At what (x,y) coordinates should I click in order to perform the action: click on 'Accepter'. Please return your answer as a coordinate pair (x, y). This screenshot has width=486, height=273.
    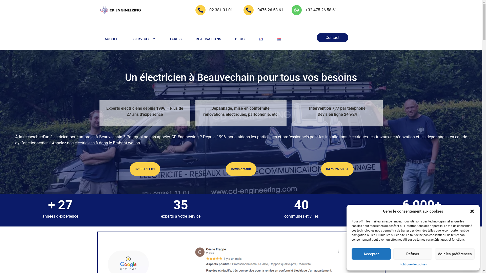
    Looking at the image, I should click on (351, 254).